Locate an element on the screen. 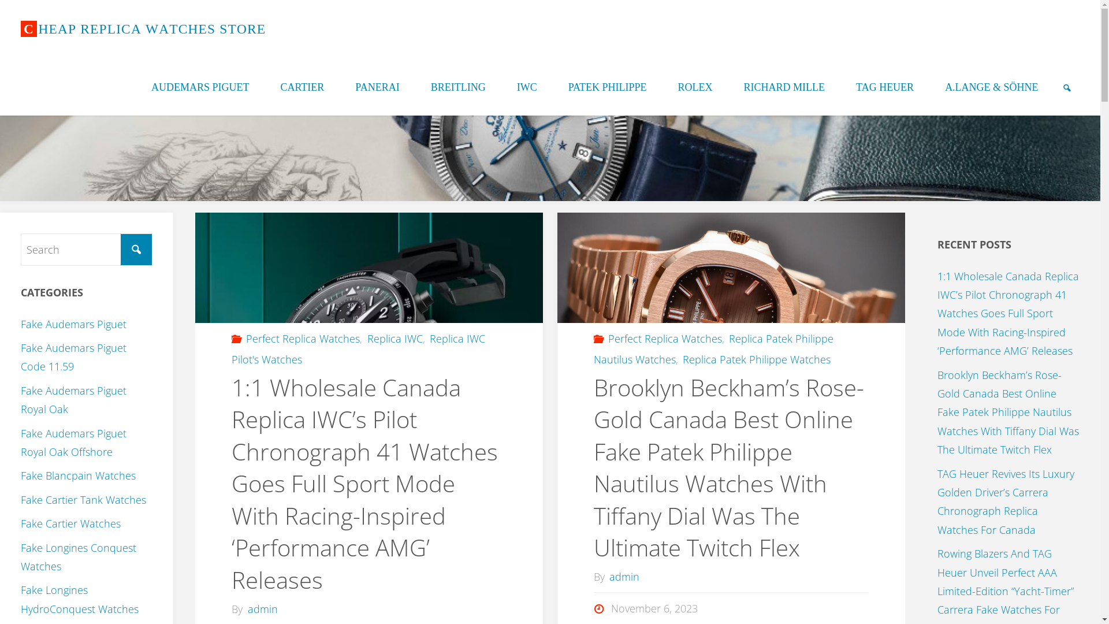 This screenshot has width=1109, height=624. 'AUDEMARS PIGUET' is located at coordinates (200, 86).